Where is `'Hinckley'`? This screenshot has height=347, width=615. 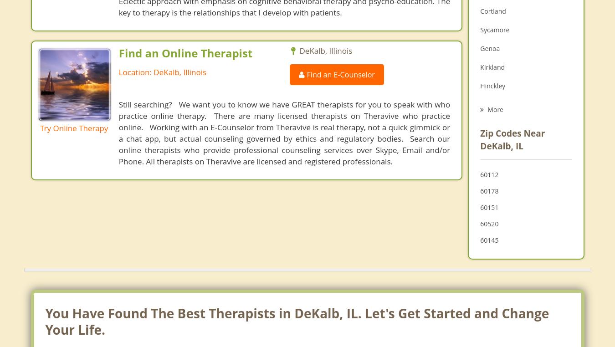
'Hinckley' is located at coordinates (492, 85).